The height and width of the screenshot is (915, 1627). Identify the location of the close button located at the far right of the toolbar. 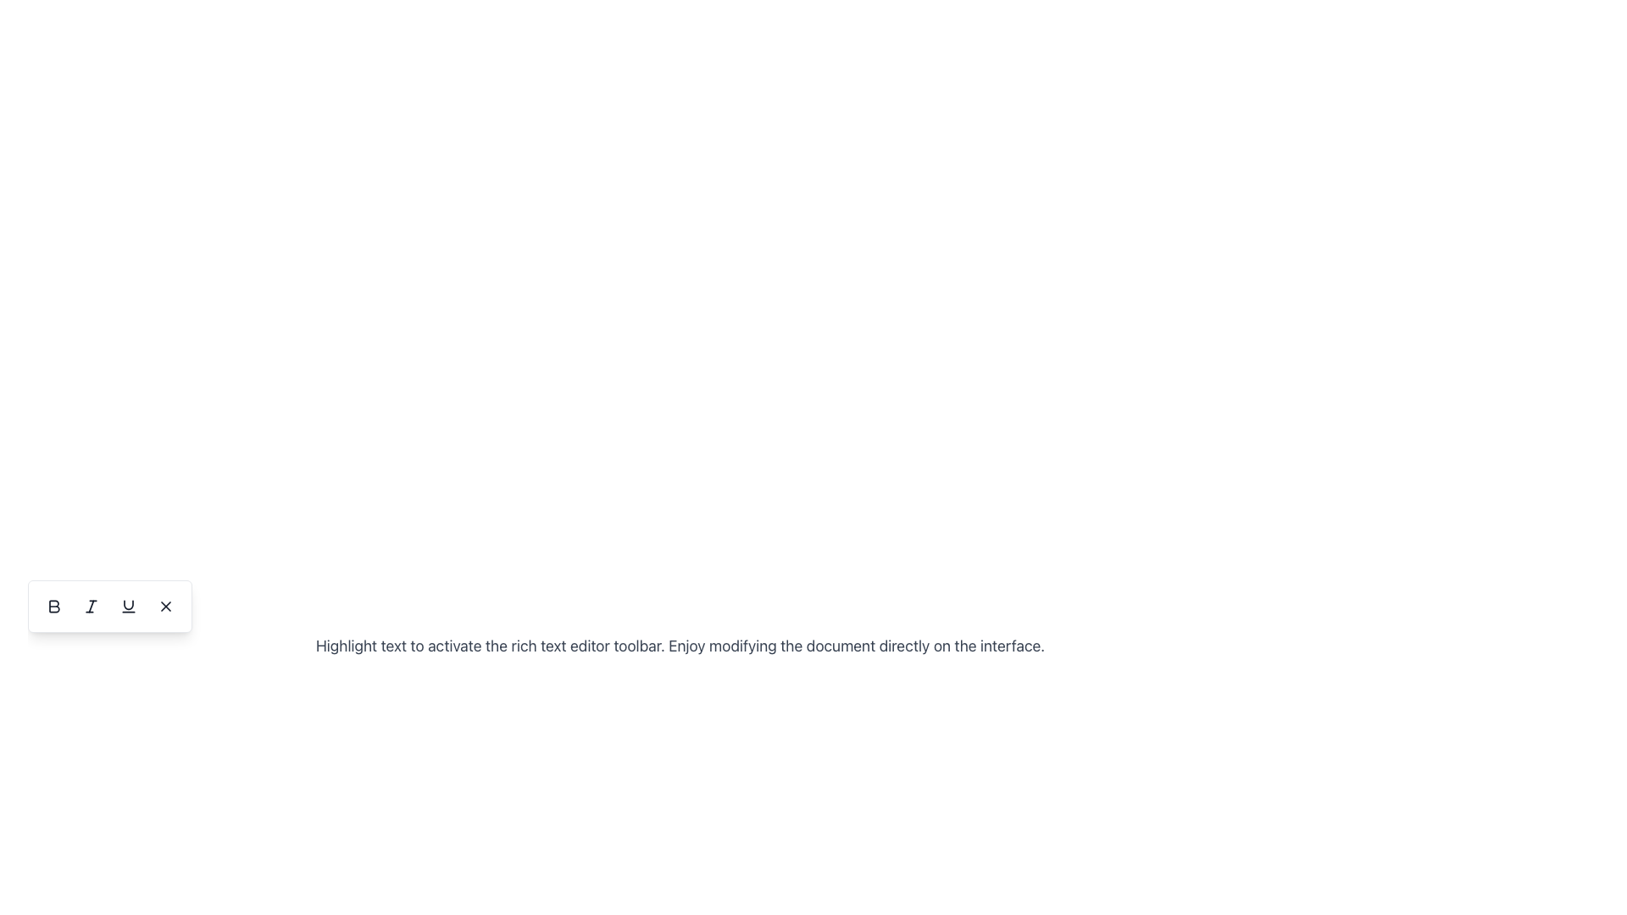
(166, 606).